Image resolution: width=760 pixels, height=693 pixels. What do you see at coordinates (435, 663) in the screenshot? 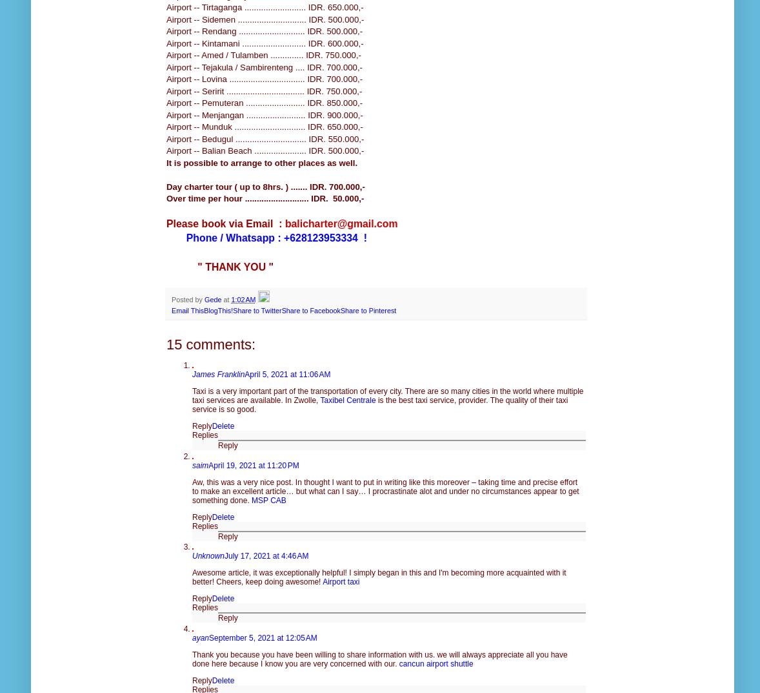
I see `'cancun airport shuttle'` at bounding box center [435, 663].